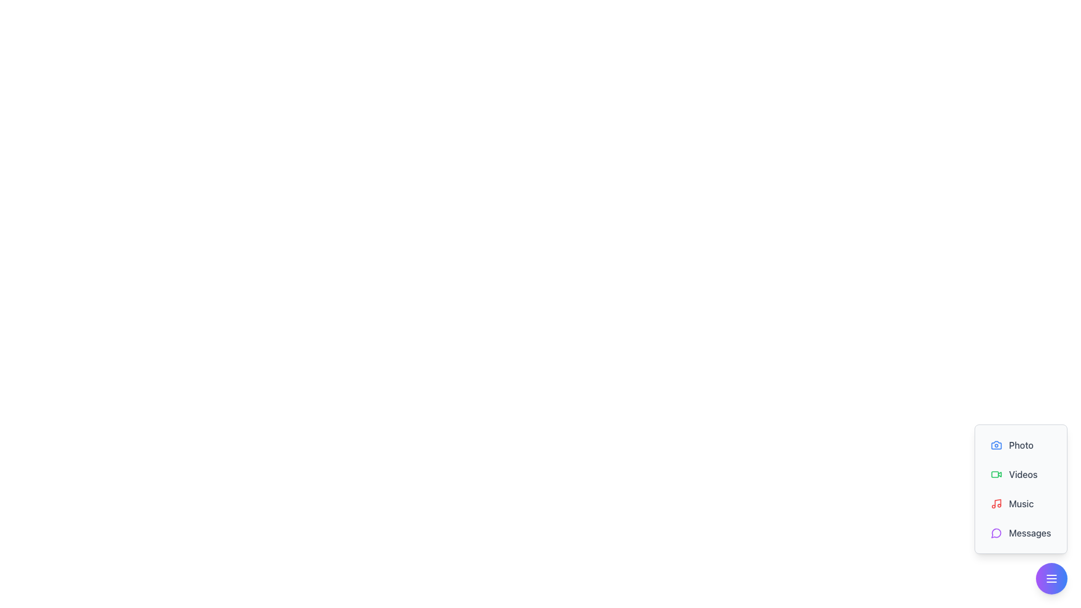 The height and width of the screenshot is (608, 1081). Describe the element at coordinates (995, 475) in the screenshot. I see `the video camera icon labeled 'Videos' in the vertical menu` at that location.